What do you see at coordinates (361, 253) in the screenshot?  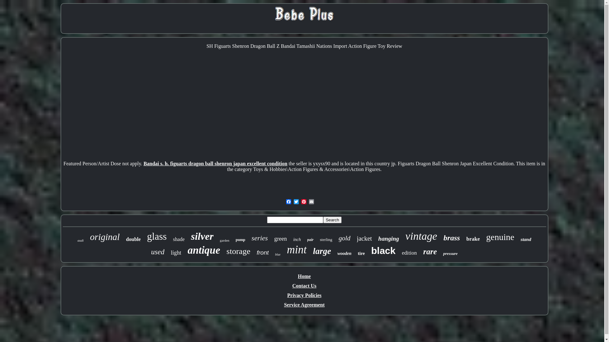 I see `'tire'` at bounding box center [361, 253].